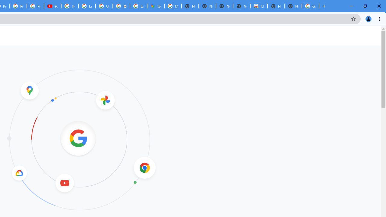  I want to click on 'Privacy Checkup', so click(18, 6).